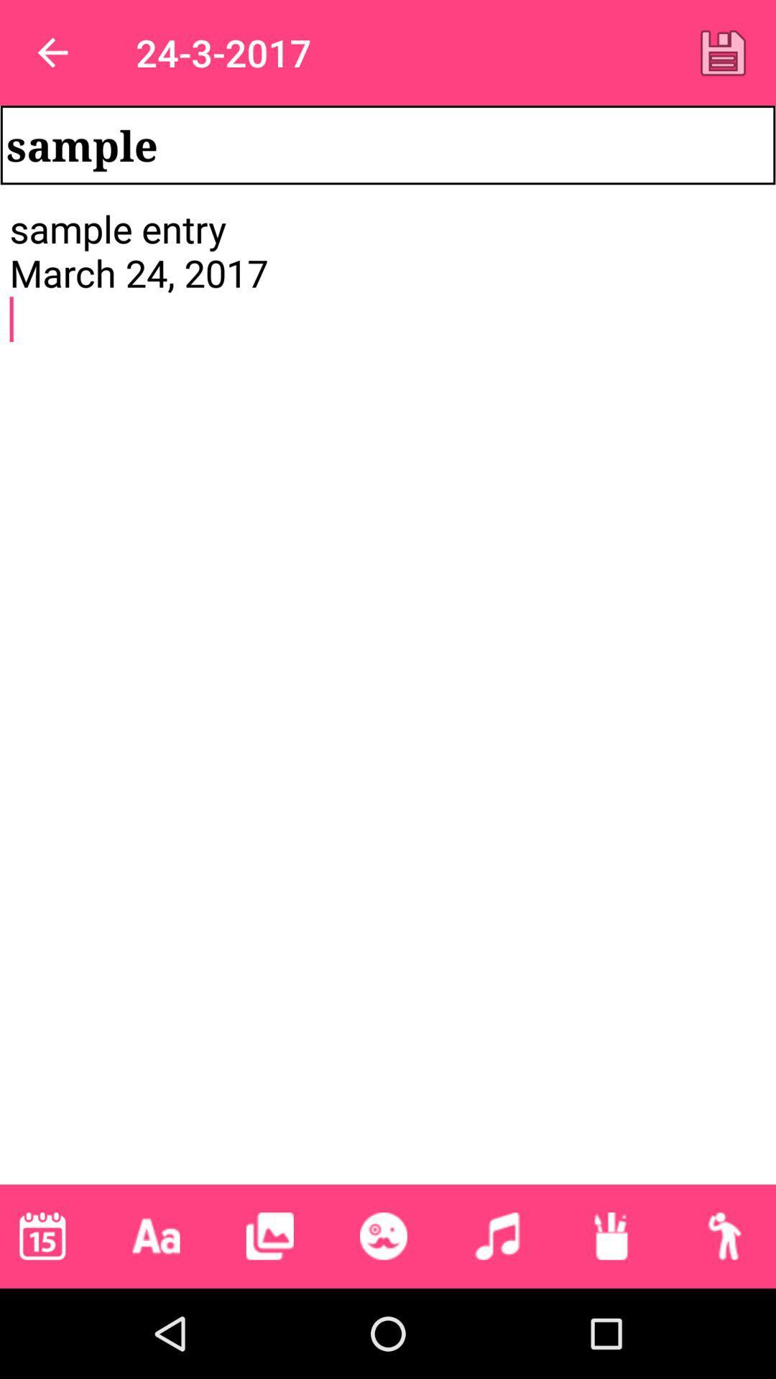 This screenshot has width=776, height=1379. What do you see at coordinates (269, 1235) in the screenshot?
I see `image` at bounding box center [269, 1235].